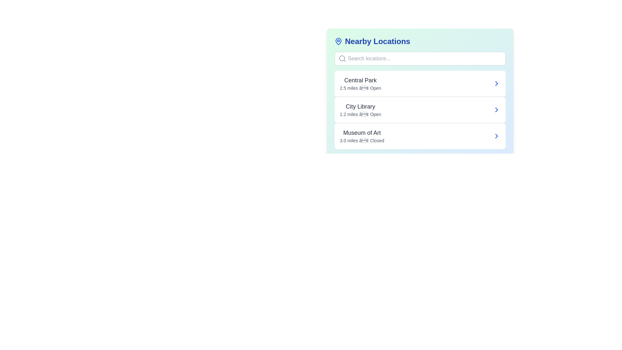  Describe the element at coordinates (496, 136) in the screenshot. I see `the right-facing chevron icon located at the far-right end of the 'Museum of Art' list entry in the 'Nearby Locations' list` at that location.